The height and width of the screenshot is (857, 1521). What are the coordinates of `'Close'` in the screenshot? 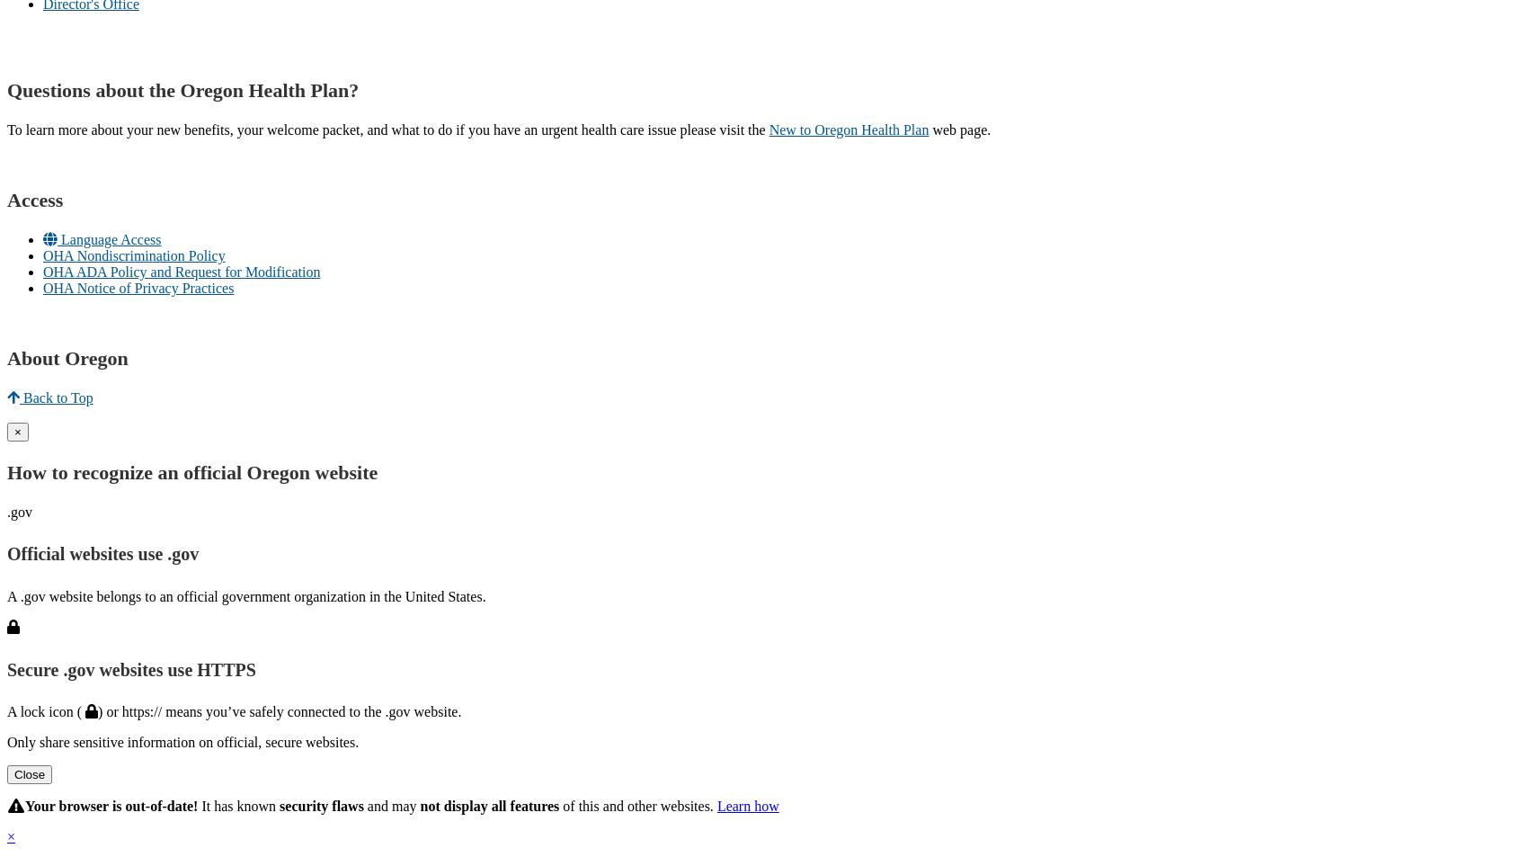 It's located at (28, 774).